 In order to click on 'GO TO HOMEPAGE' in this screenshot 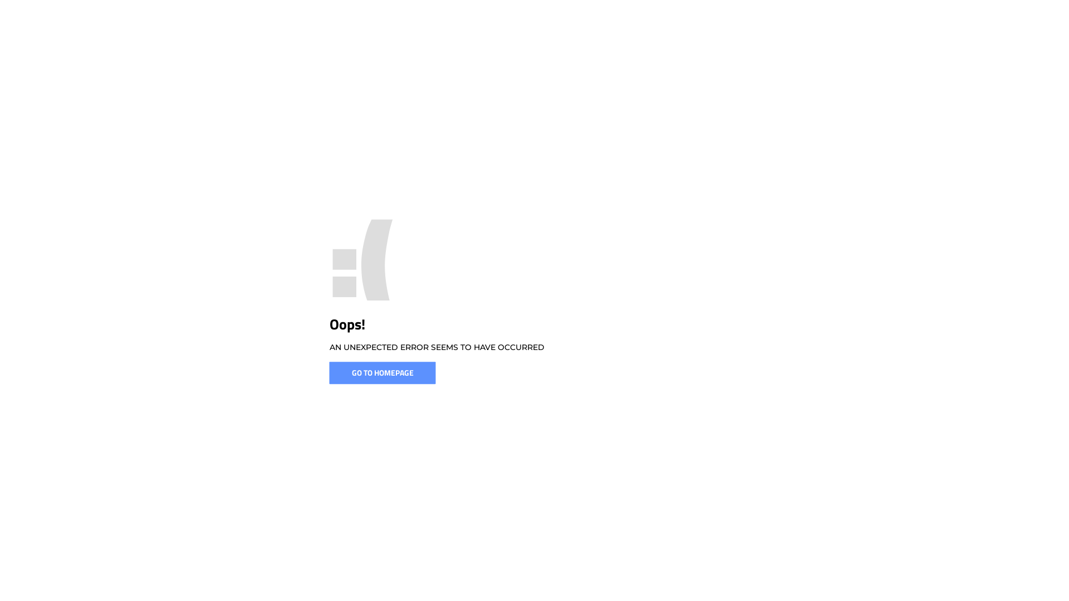, I will do `click(383, 373)`.